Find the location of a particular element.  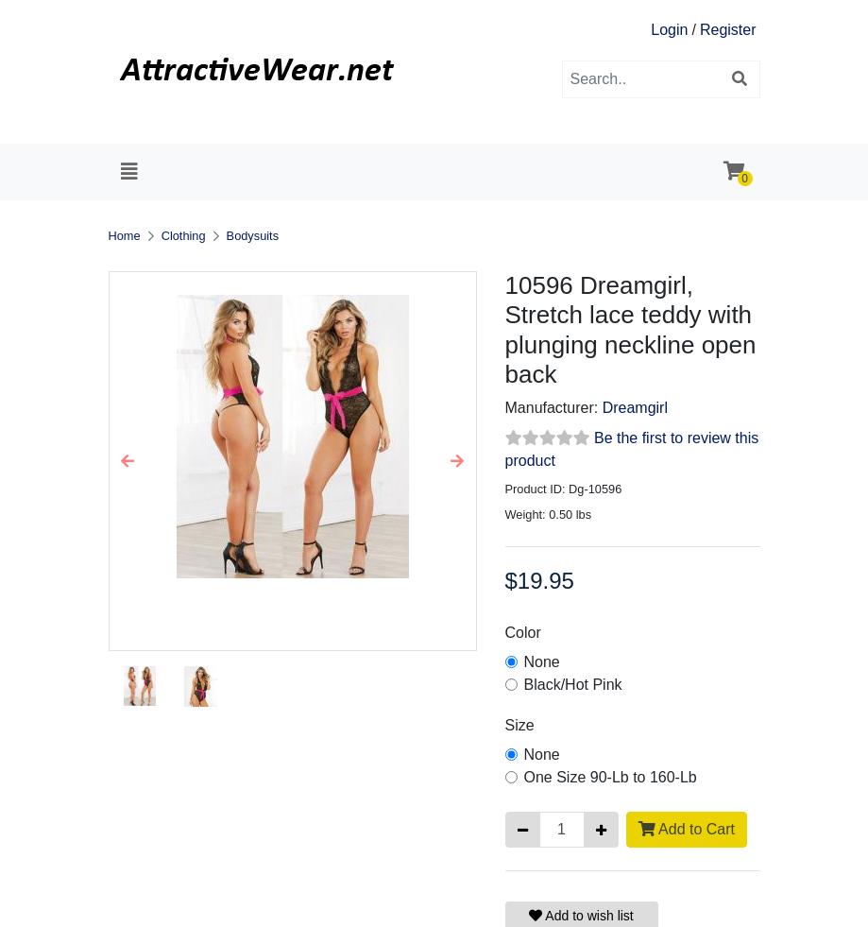

'Home' is located at coordinates (122, 234).